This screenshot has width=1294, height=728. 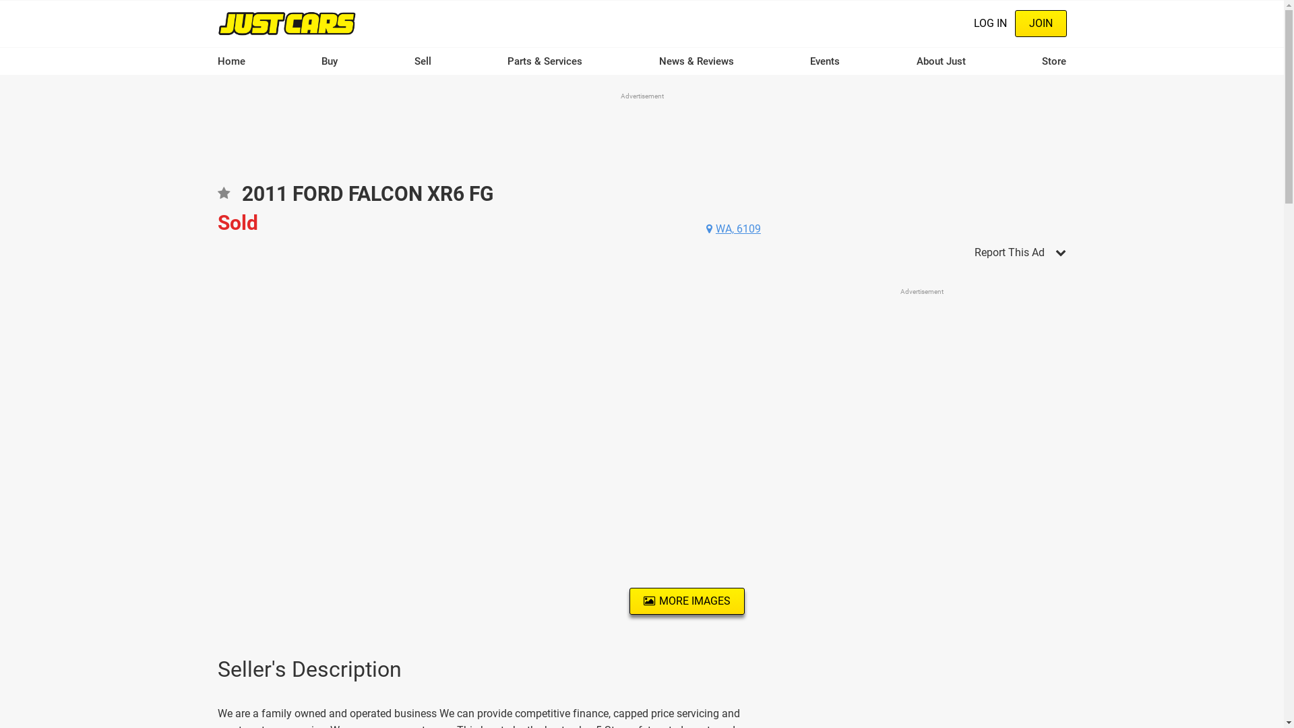 I want to click on 'Buy', so click(x=330, y=61).